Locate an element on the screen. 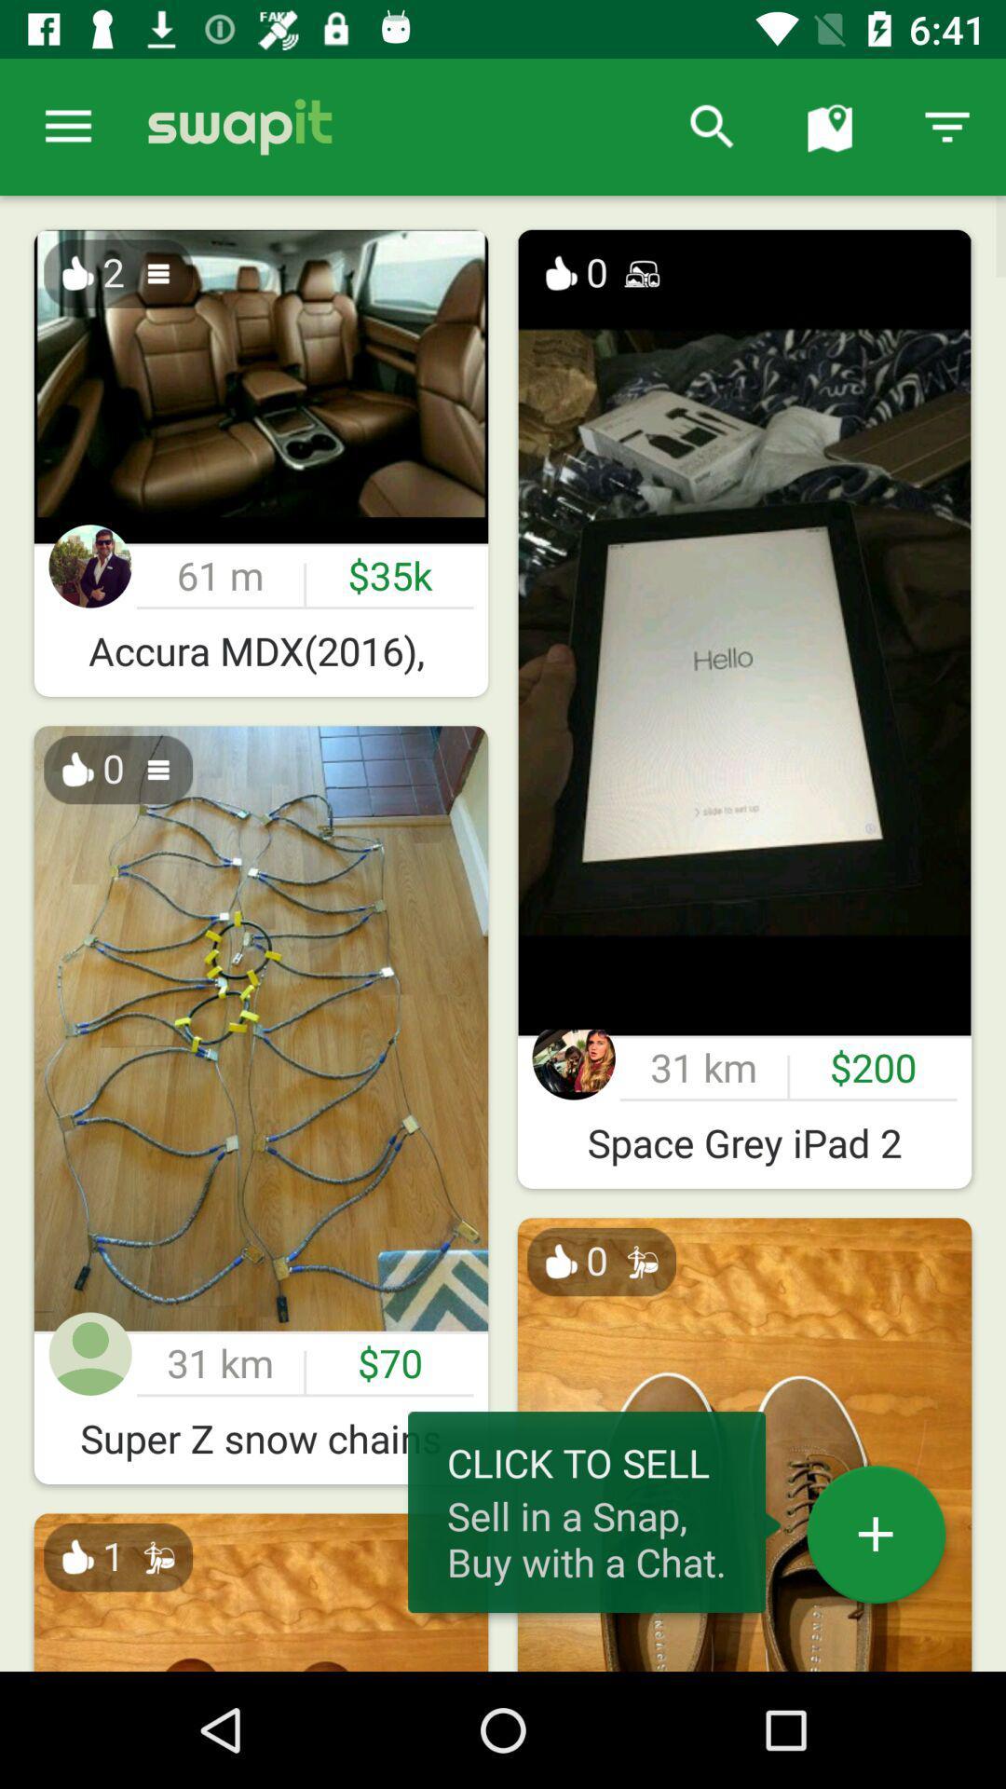  the add icon is located at coordinates (876, 1541).